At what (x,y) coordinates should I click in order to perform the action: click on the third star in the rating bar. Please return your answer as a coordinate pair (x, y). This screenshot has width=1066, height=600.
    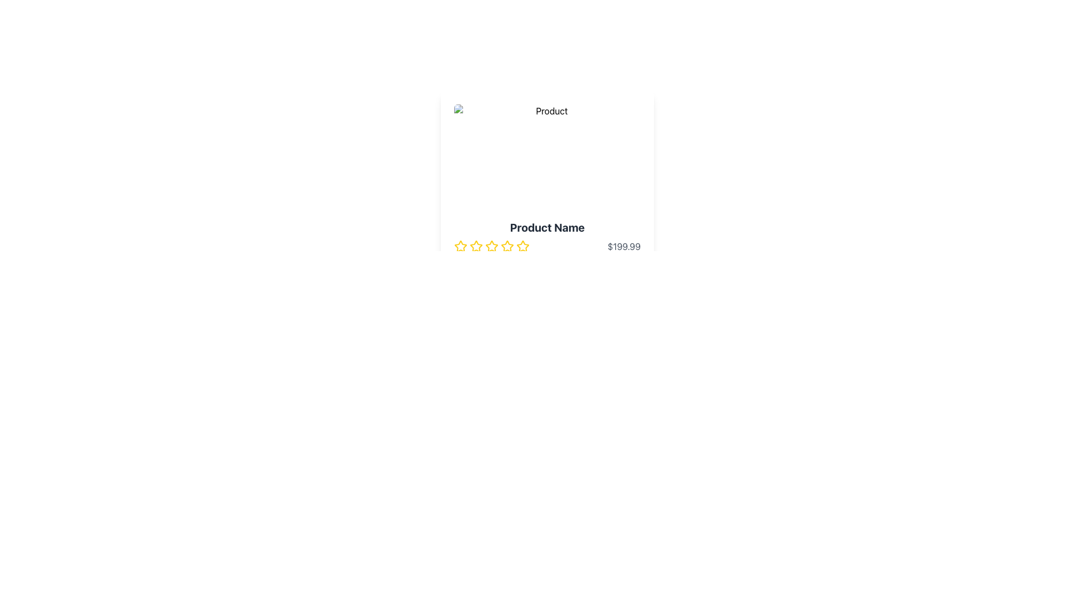
    Looking at the image, I should click on (491, 246).